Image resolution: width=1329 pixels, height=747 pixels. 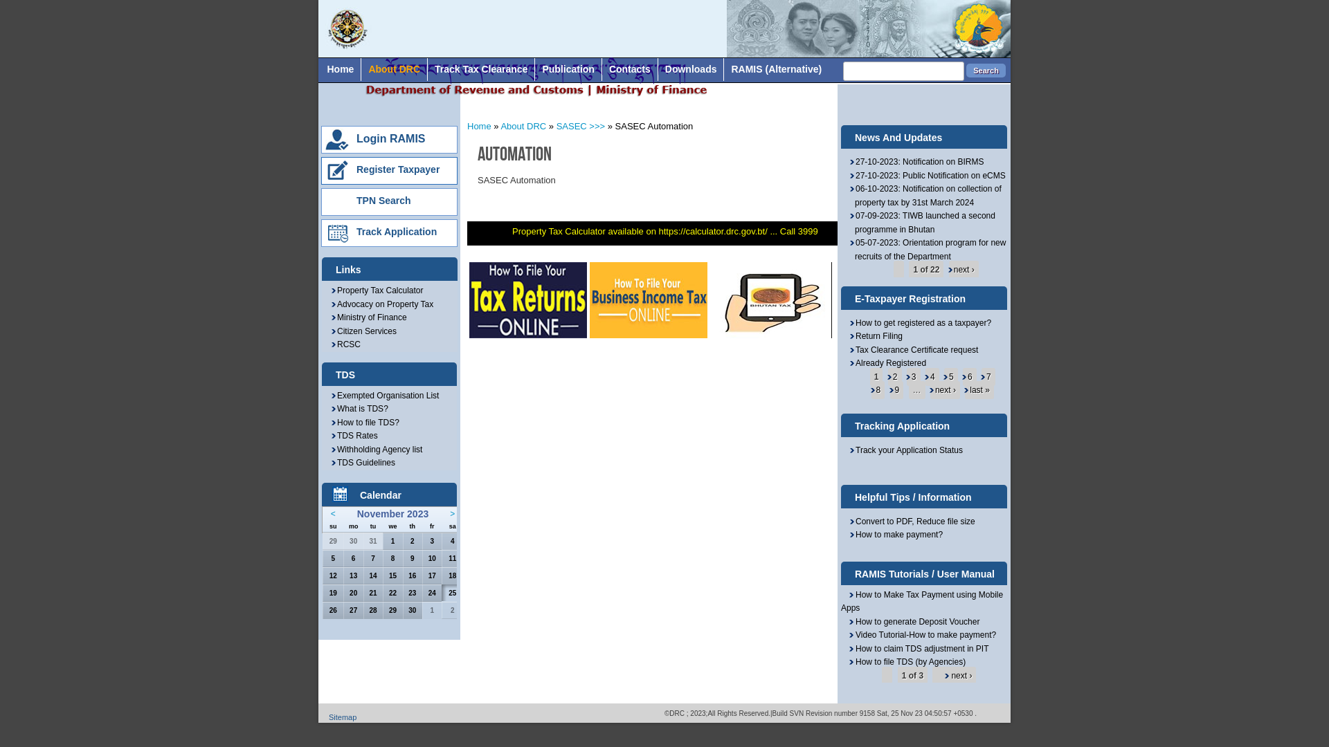 I want to click on '27-10-2023: Notification on BIRMS', so click(x=916, y=161).